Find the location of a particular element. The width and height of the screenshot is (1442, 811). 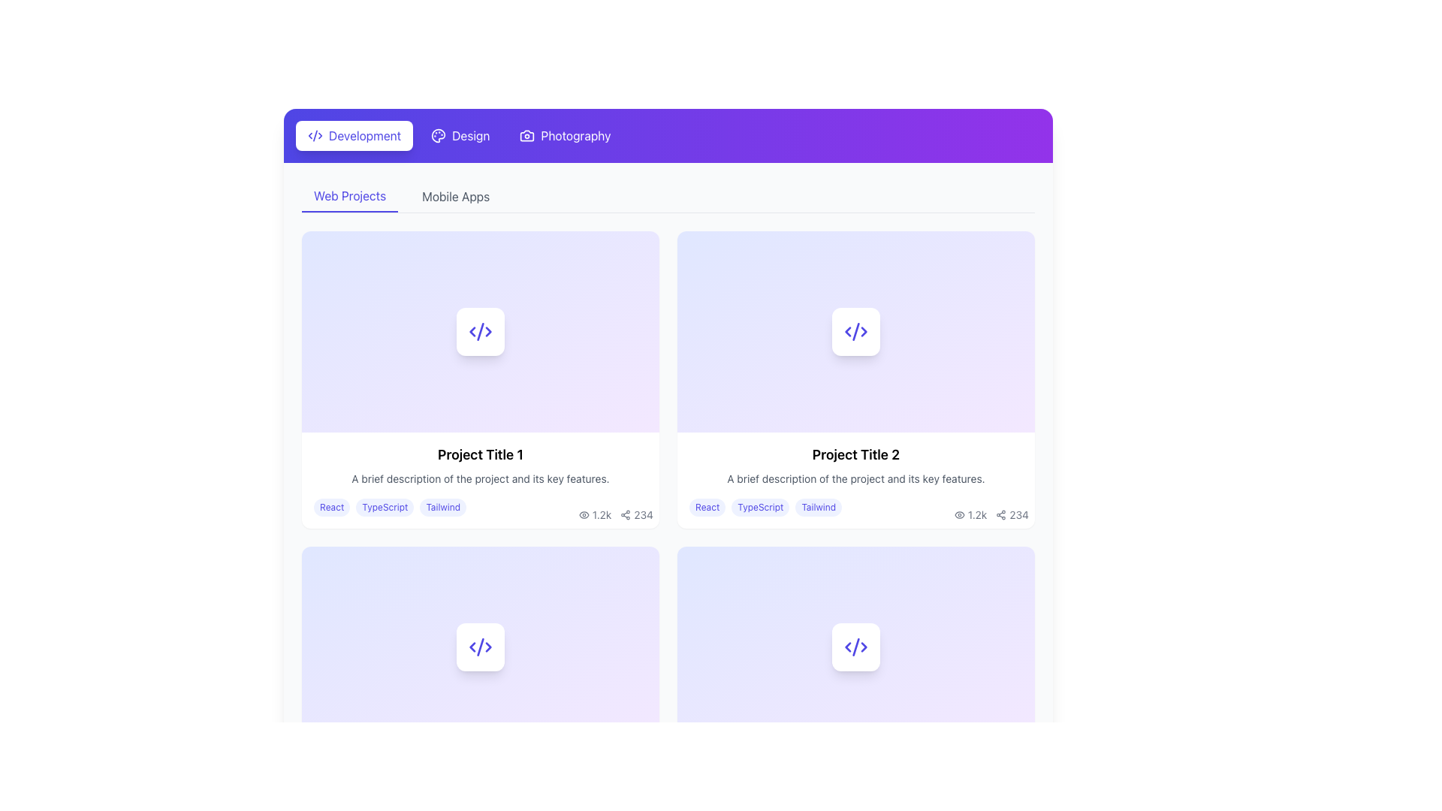

the details of the purple angle brackets icon ('<>') located at the center of the 'Project Title 2' card, which is in the top-right quadrant of the grid layout is located at coordinates (856, 330).